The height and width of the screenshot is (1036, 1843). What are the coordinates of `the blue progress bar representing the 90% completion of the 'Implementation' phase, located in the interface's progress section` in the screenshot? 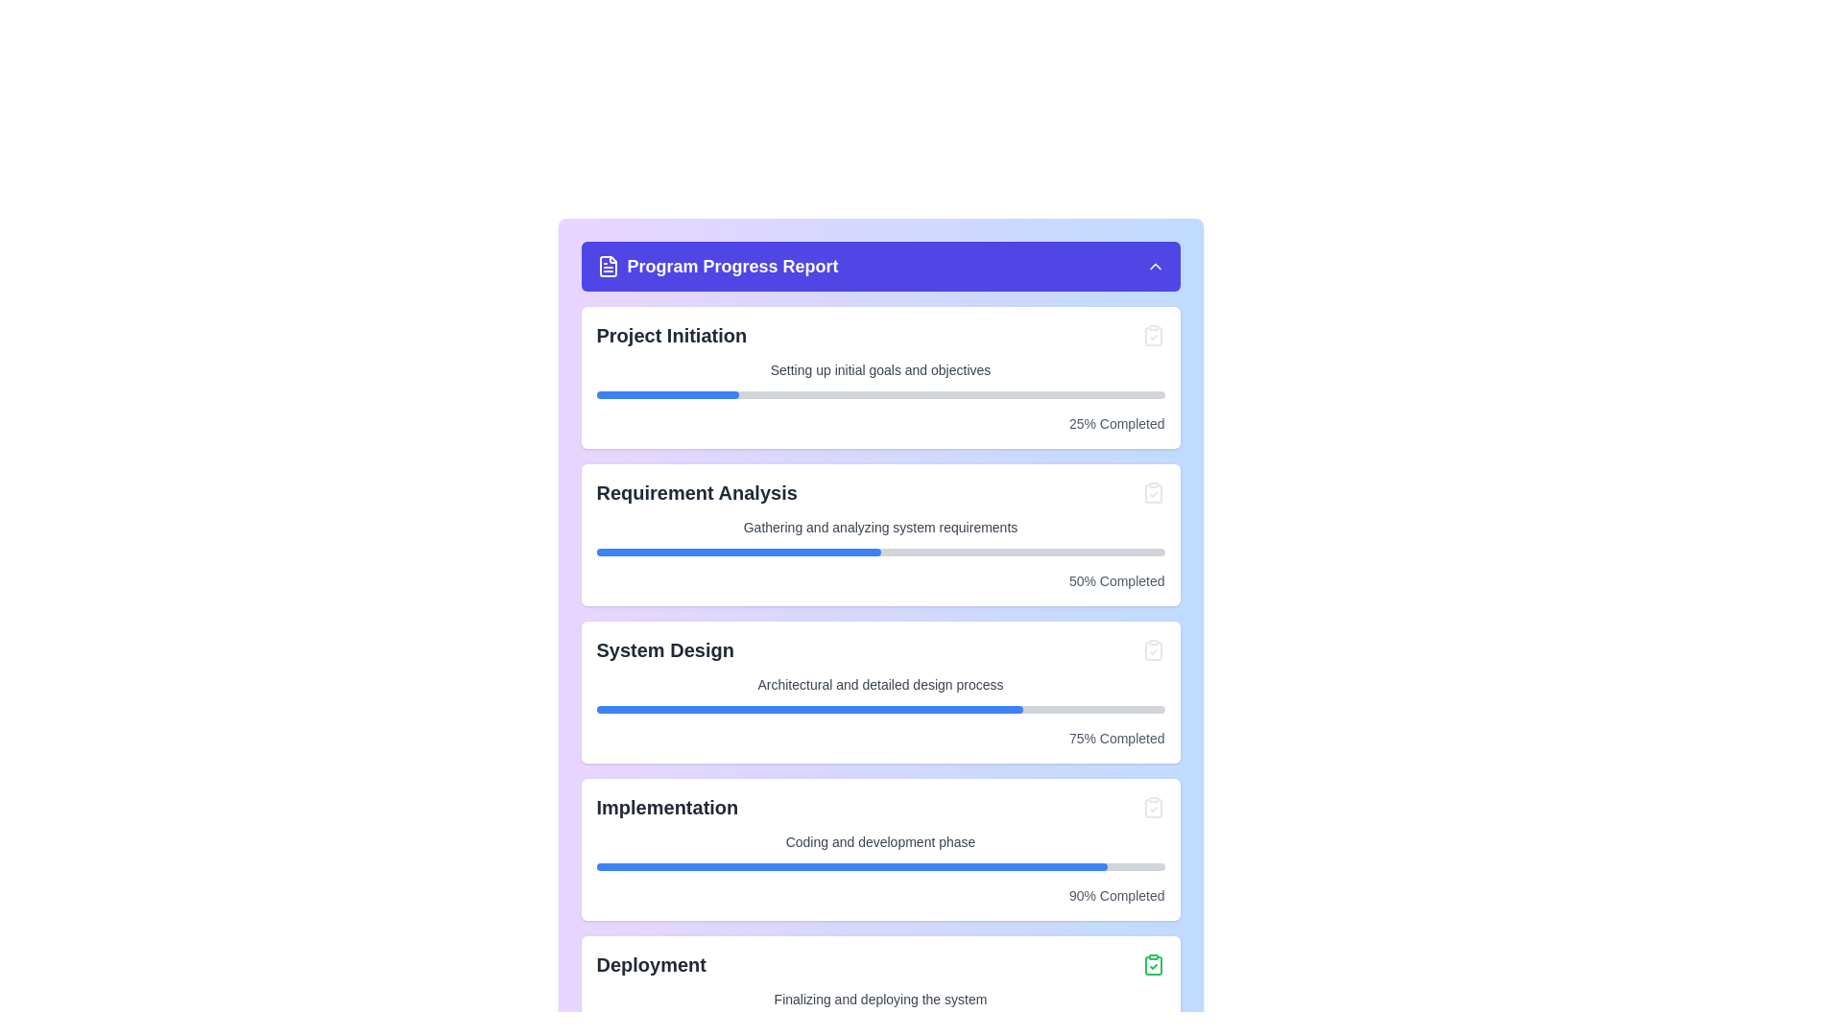 It's located at (850, 866).